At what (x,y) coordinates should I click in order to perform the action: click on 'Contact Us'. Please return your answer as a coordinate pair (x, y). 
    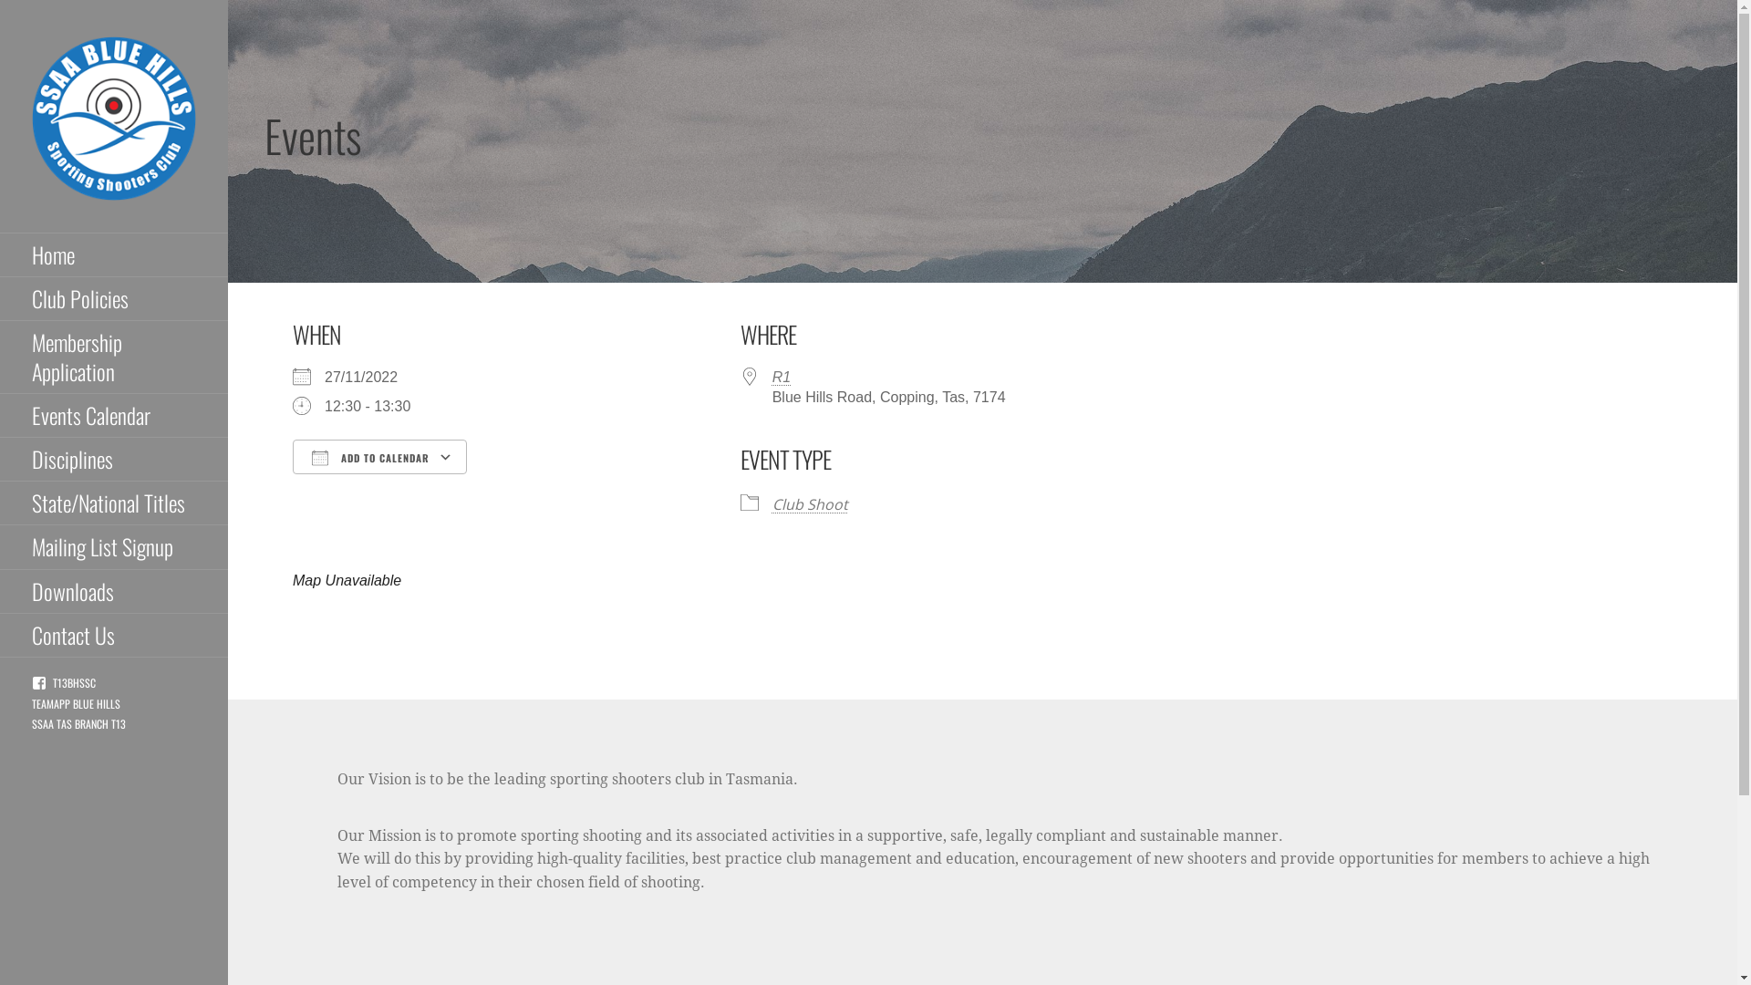
    Looking at the image, I should click on (112, 635).